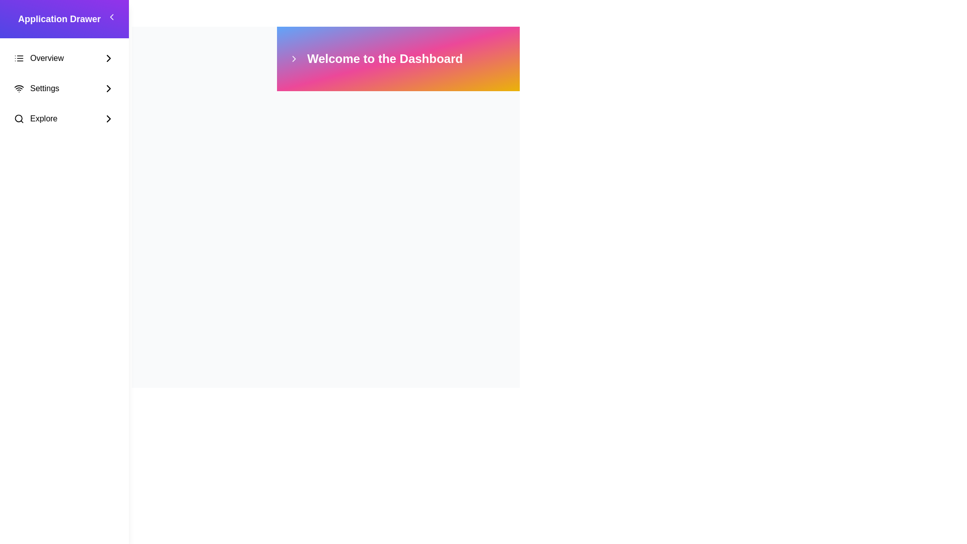  Describe the element at coordinates (294, 58) in the screenshot. I see `the decorative navigational icon located in the header bar to the left of the 'Welcome to the Dashboard' text` at that location.